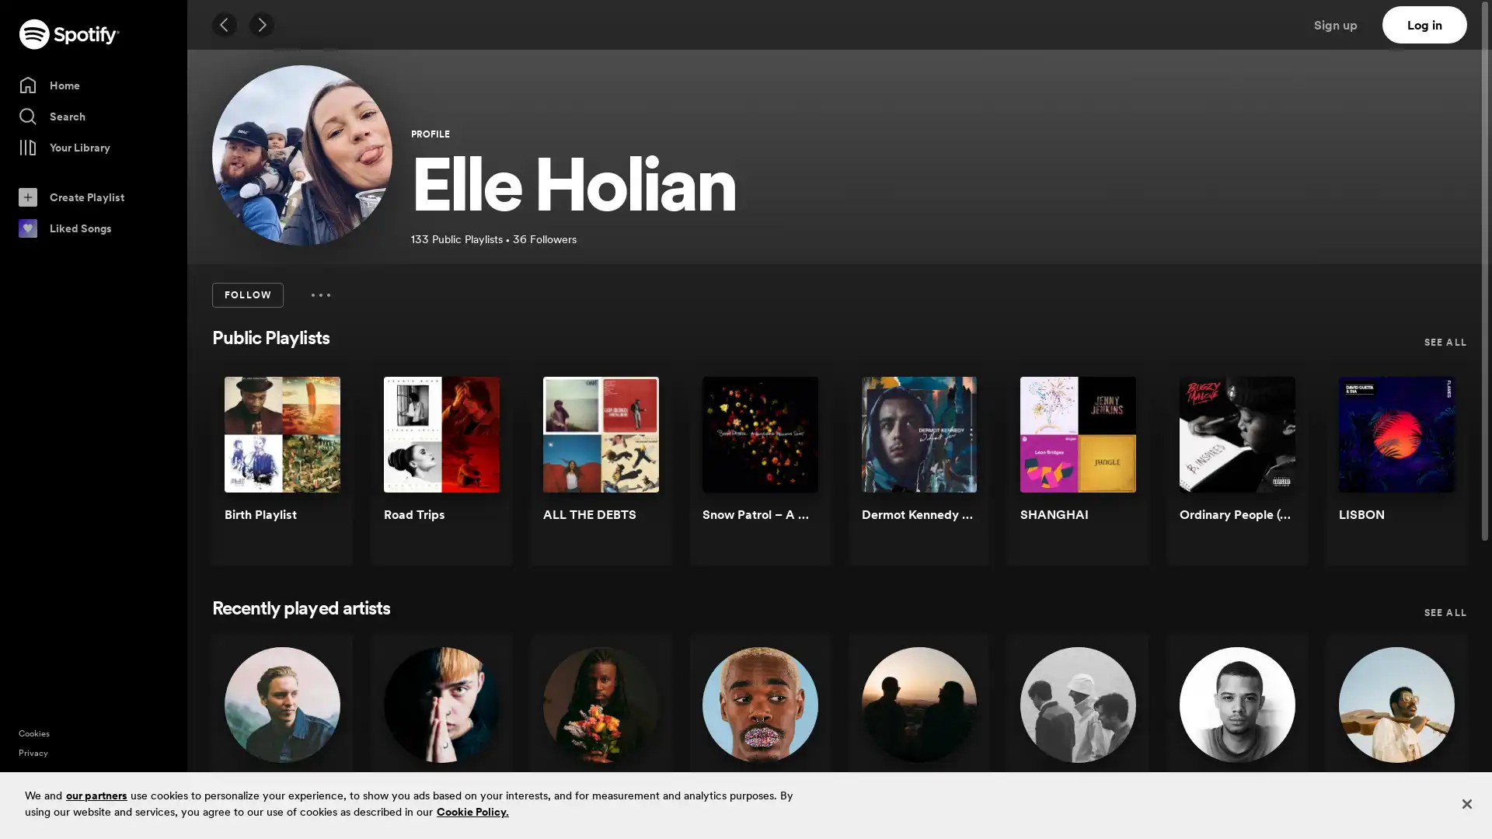 This screenshot has height=839, width=1492. I want to click on Play Curtis Harding, so click(1429, 742).